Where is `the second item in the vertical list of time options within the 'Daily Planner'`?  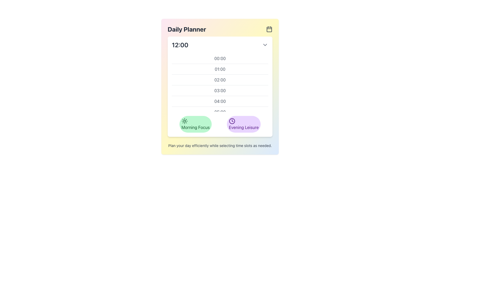 the second item in the vertical list of time options within the 'Daily Planner' is located at coordinates (220, 69).